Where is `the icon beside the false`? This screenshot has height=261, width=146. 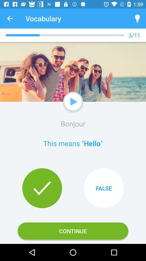 the icon beside the false is located at coordinates (42, 188).